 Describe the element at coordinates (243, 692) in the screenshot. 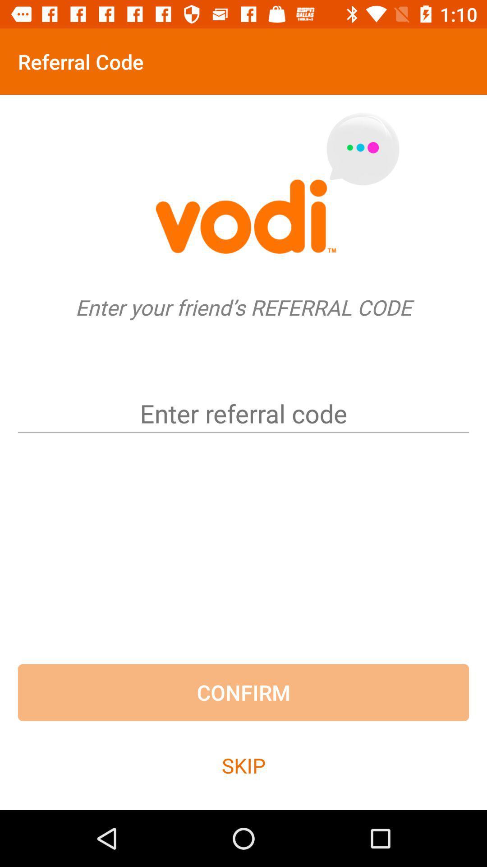

I see `confirm item` at that location.